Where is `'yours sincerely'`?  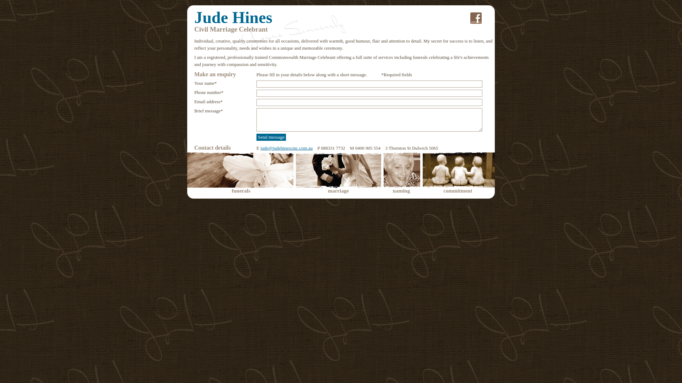 'yours sincerely' is located at coordinates (240, 30).